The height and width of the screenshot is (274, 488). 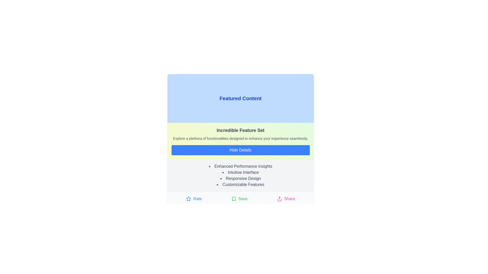 What do you see at coordinates (194, 198) in the screenshot?
I see `the 'Rate' button, which is the first interactive option in a horizontal group containing 'Rate', 'Save', and 'Share', to initiate the rating process` at bounding box center [194, 198].